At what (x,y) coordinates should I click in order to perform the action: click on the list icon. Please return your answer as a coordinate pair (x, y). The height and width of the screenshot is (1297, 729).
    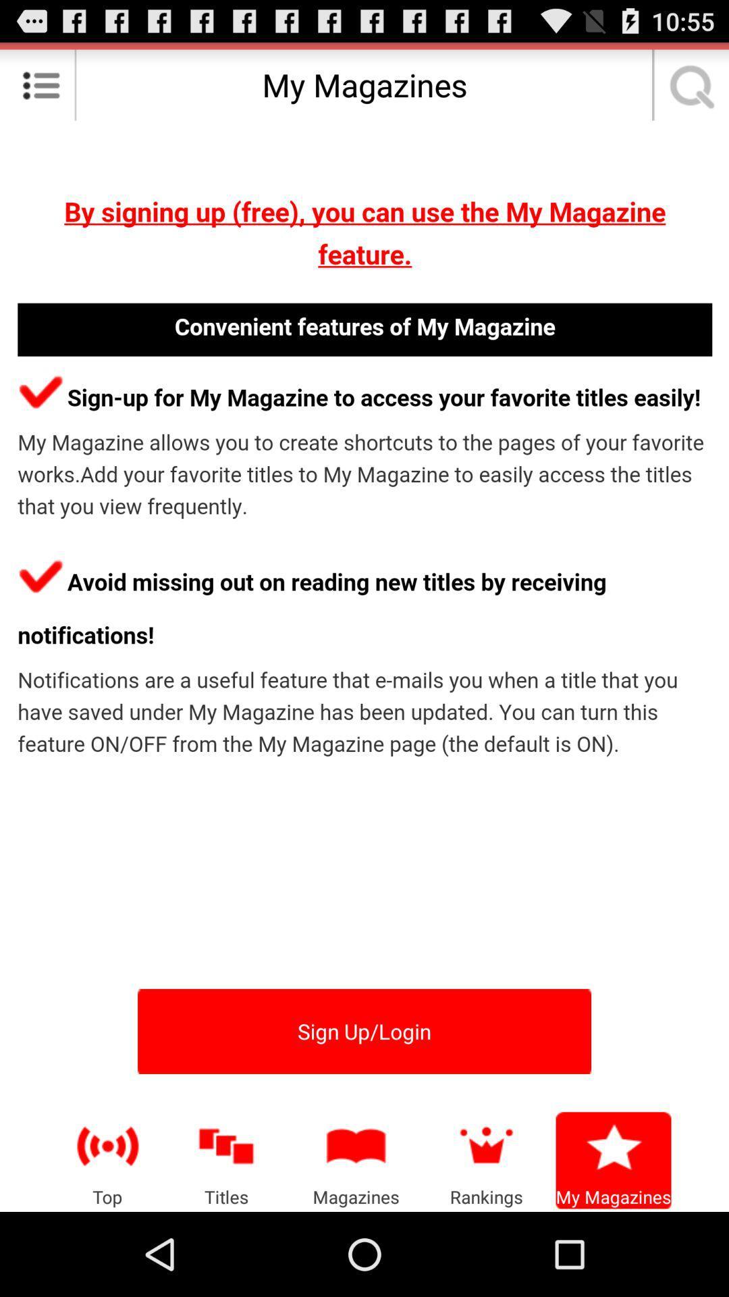
    Looking at the image, I should click on (40, 90).